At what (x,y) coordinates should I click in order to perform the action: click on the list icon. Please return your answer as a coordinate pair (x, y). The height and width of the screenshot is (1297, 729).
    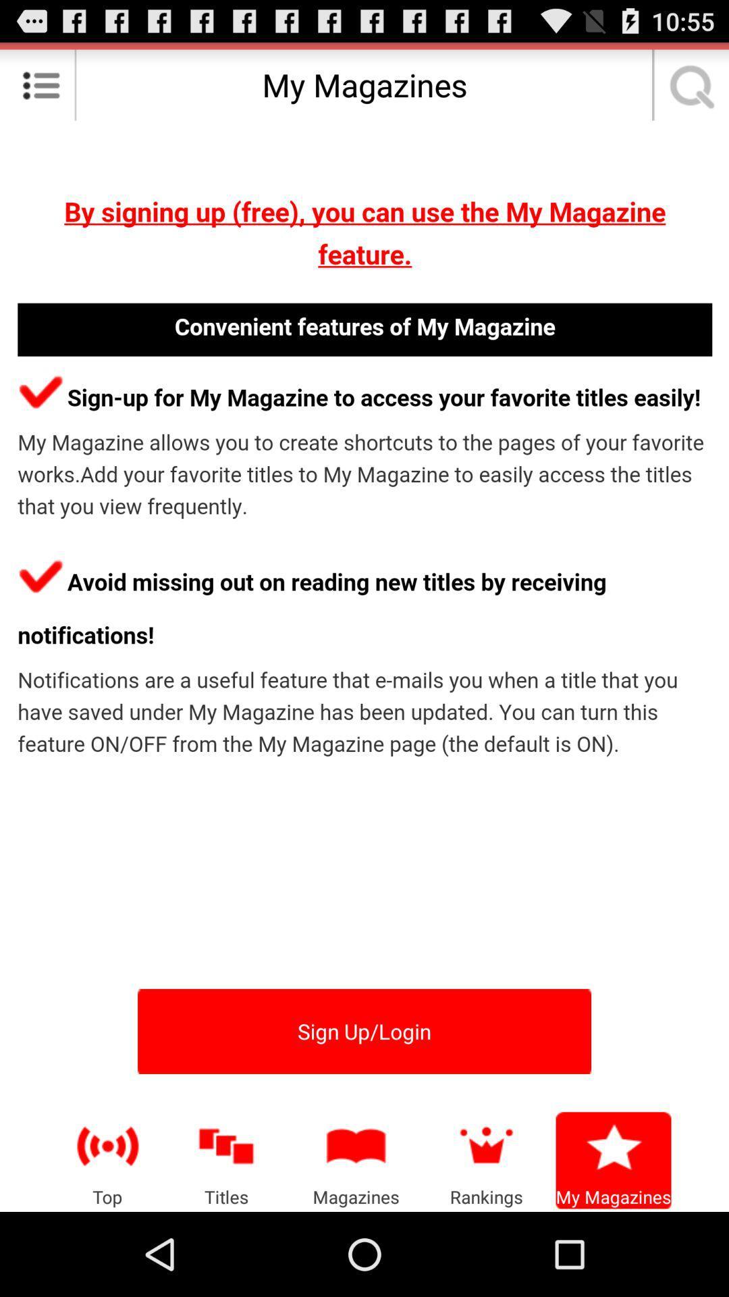
    Looking at the image, I should click on (40, 90).